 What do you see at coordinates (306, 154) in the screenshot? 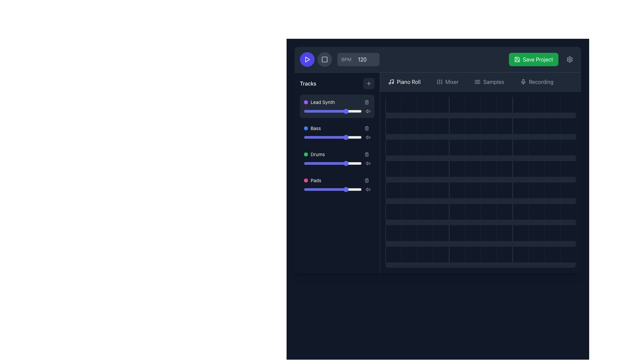
I see `the status indicator representing the active state for the 'Drums' track, located to the left of the text label 'Drums' in the sidebar` at bounding box center [306, 154].